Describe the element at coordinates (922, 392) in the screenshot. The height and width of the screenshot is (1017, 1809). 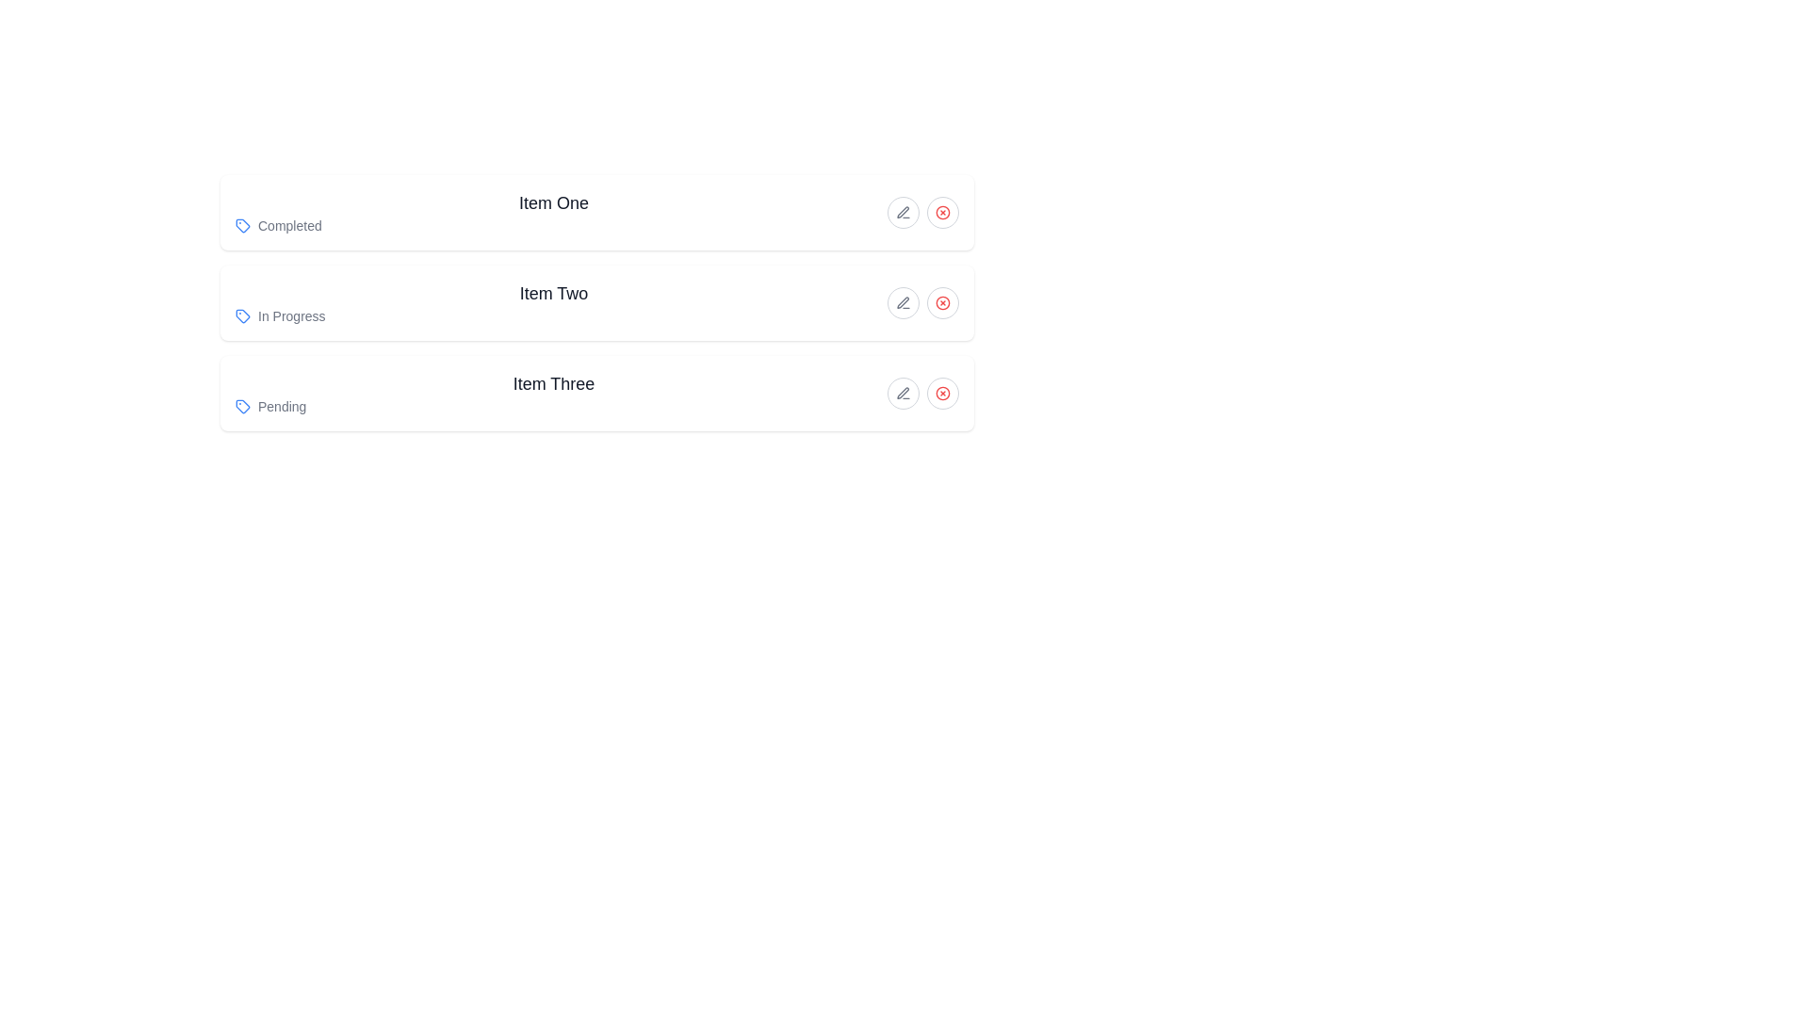
I see `the pen icon located on the far-right side of the 'Item Three' row to initiate editing` at that location.